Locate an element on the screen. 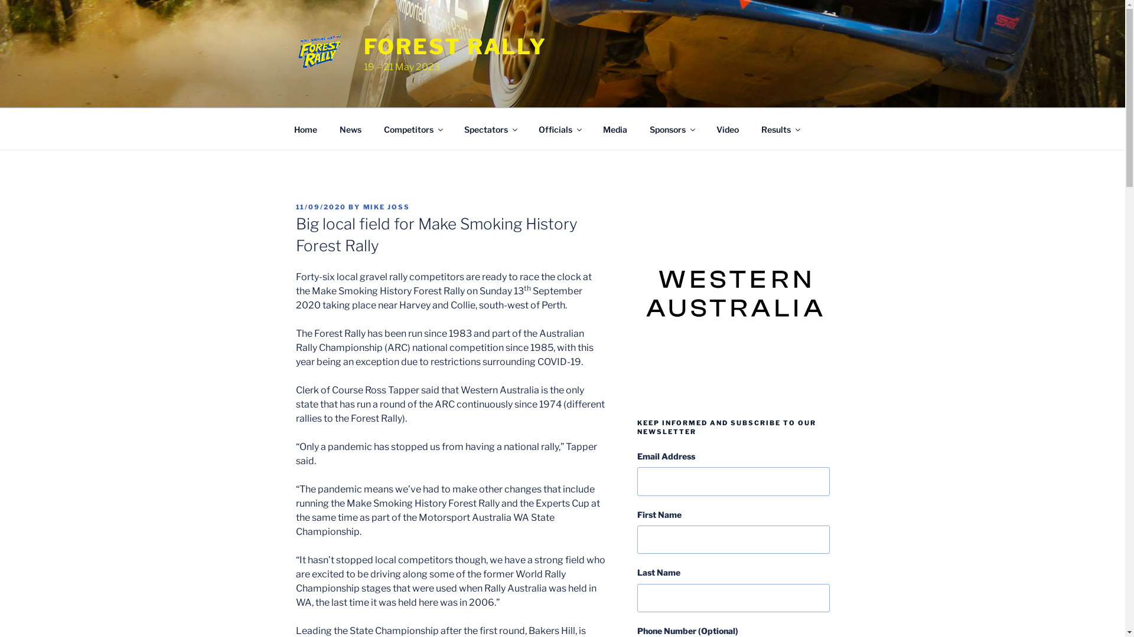  'Home' is located at coordinates (305, 129).